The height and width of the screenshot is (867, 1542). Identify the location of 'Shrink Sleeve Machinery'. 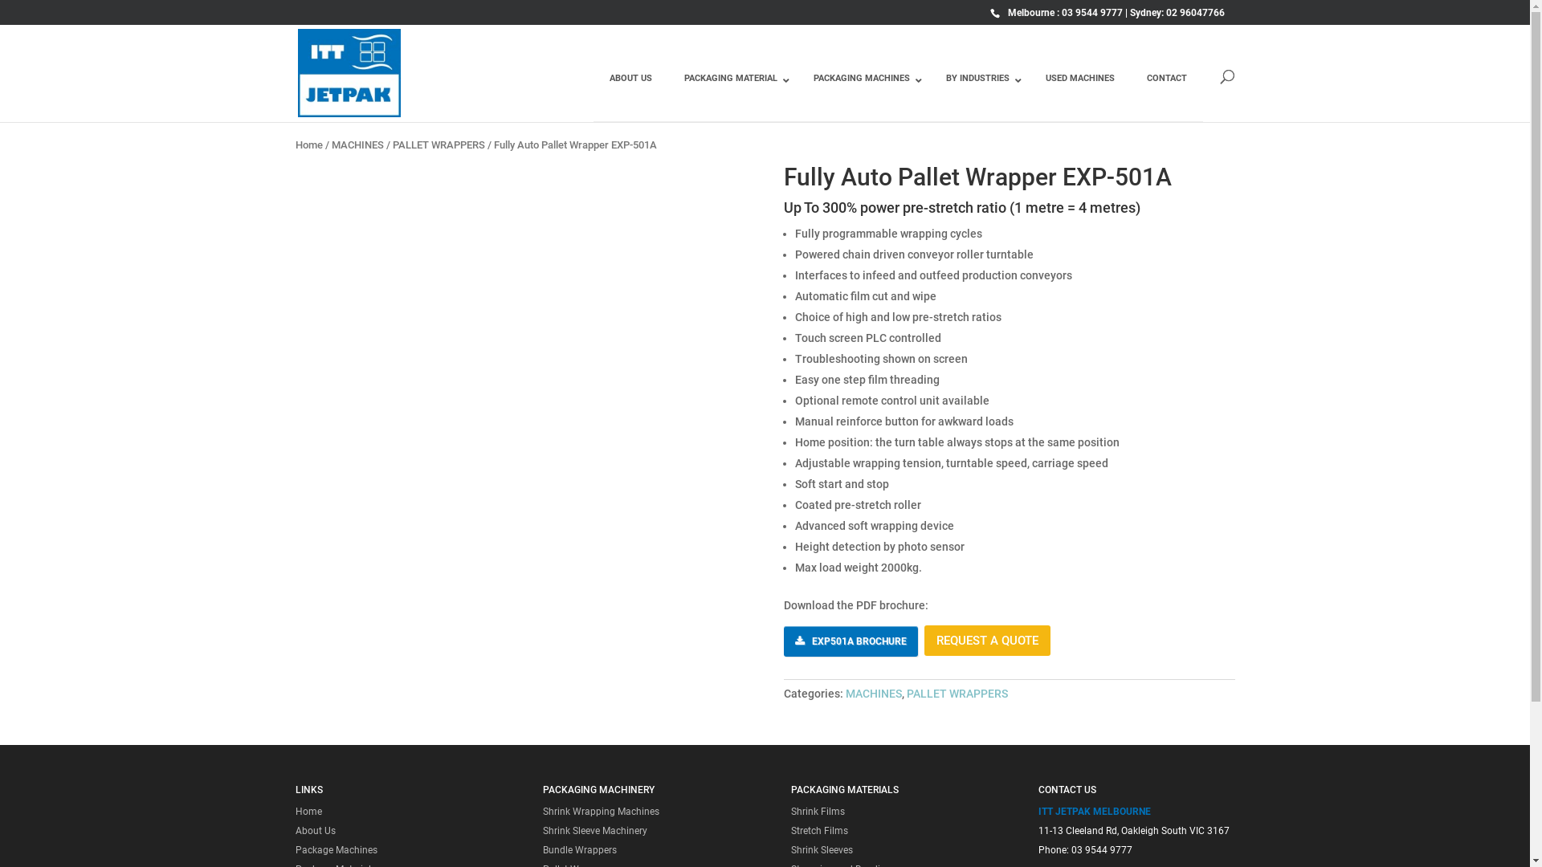
(594, 830).